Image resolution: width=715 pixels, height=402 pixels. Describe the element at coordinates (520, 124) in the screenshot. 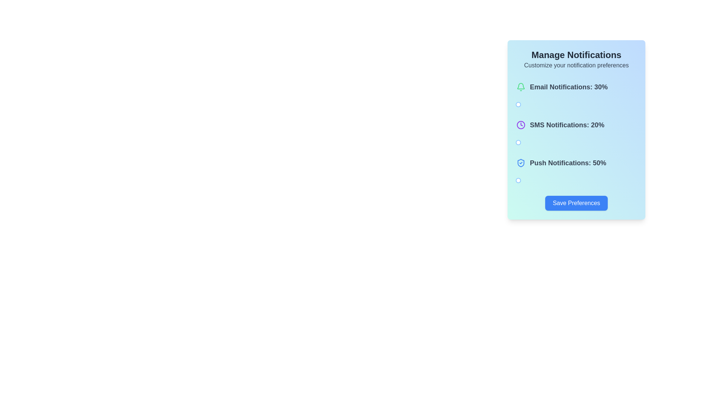

I see `the time or scheduling icon located to the left of the text 'SMS Notifications: 20%' within the notification preference card` at that location.